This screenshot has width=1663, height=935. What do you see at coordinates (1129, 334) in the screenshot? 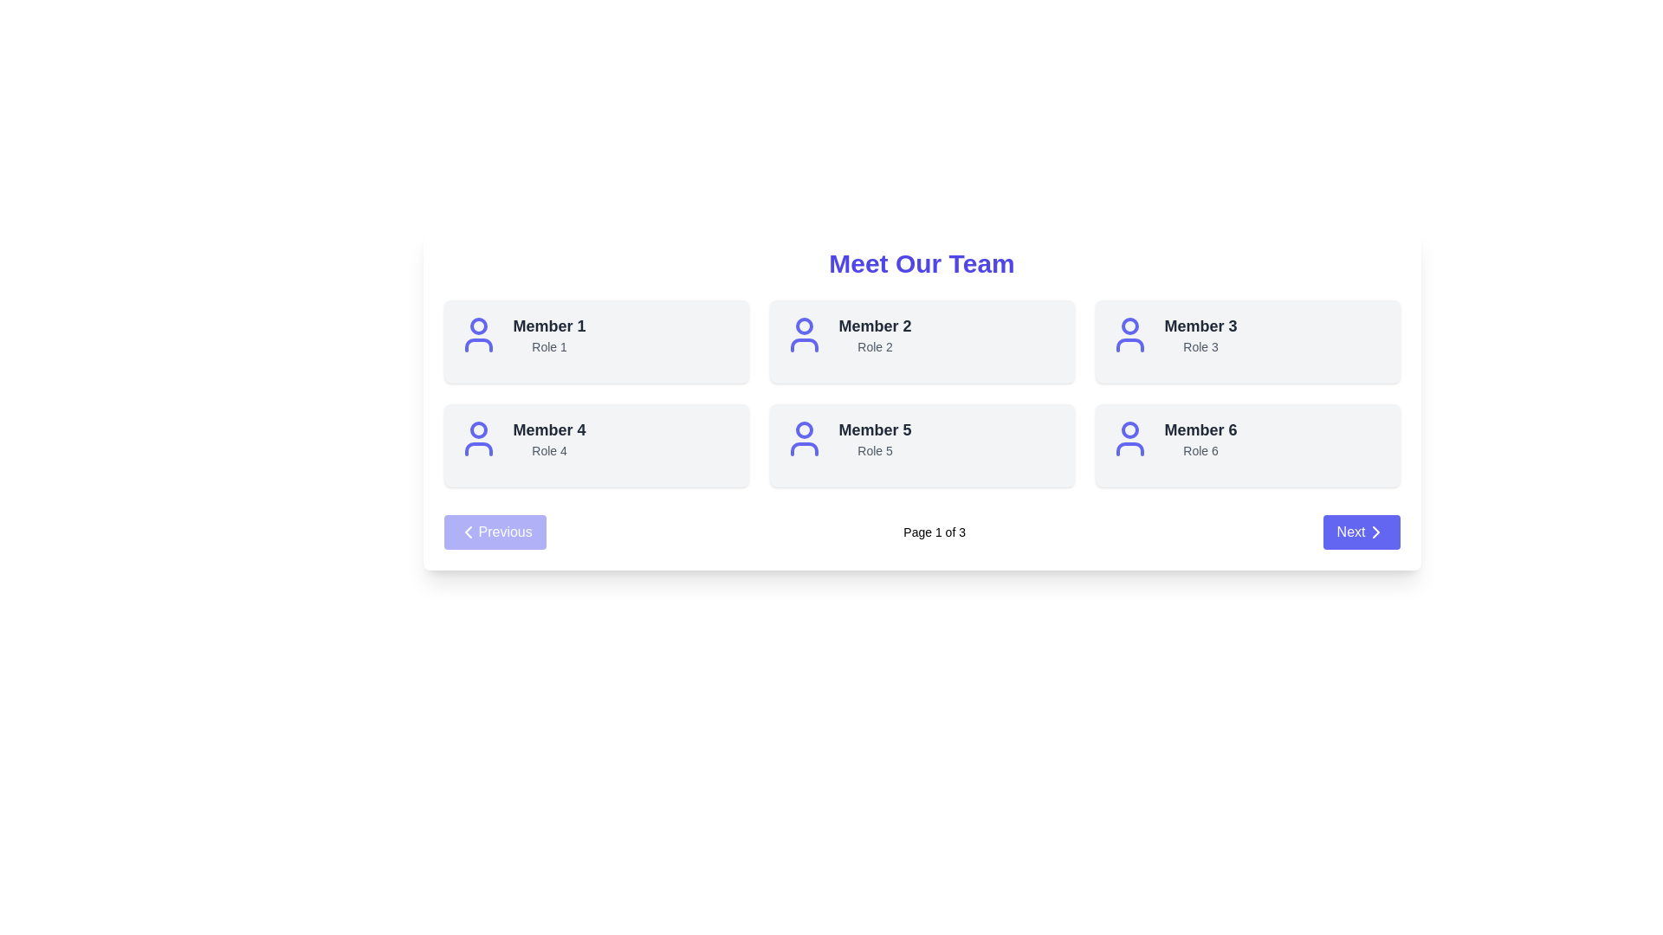
I see `the user silhouette SVG icon, which is the leftmost component of the 'Member 3 - Role 3' card in a grid layout` at bounding box center [1129, 334].